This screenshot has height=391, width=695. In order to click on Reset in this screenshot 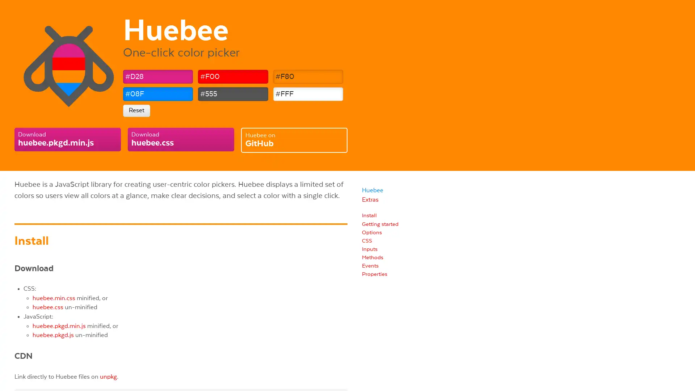, I will do `click(136, 110)`.